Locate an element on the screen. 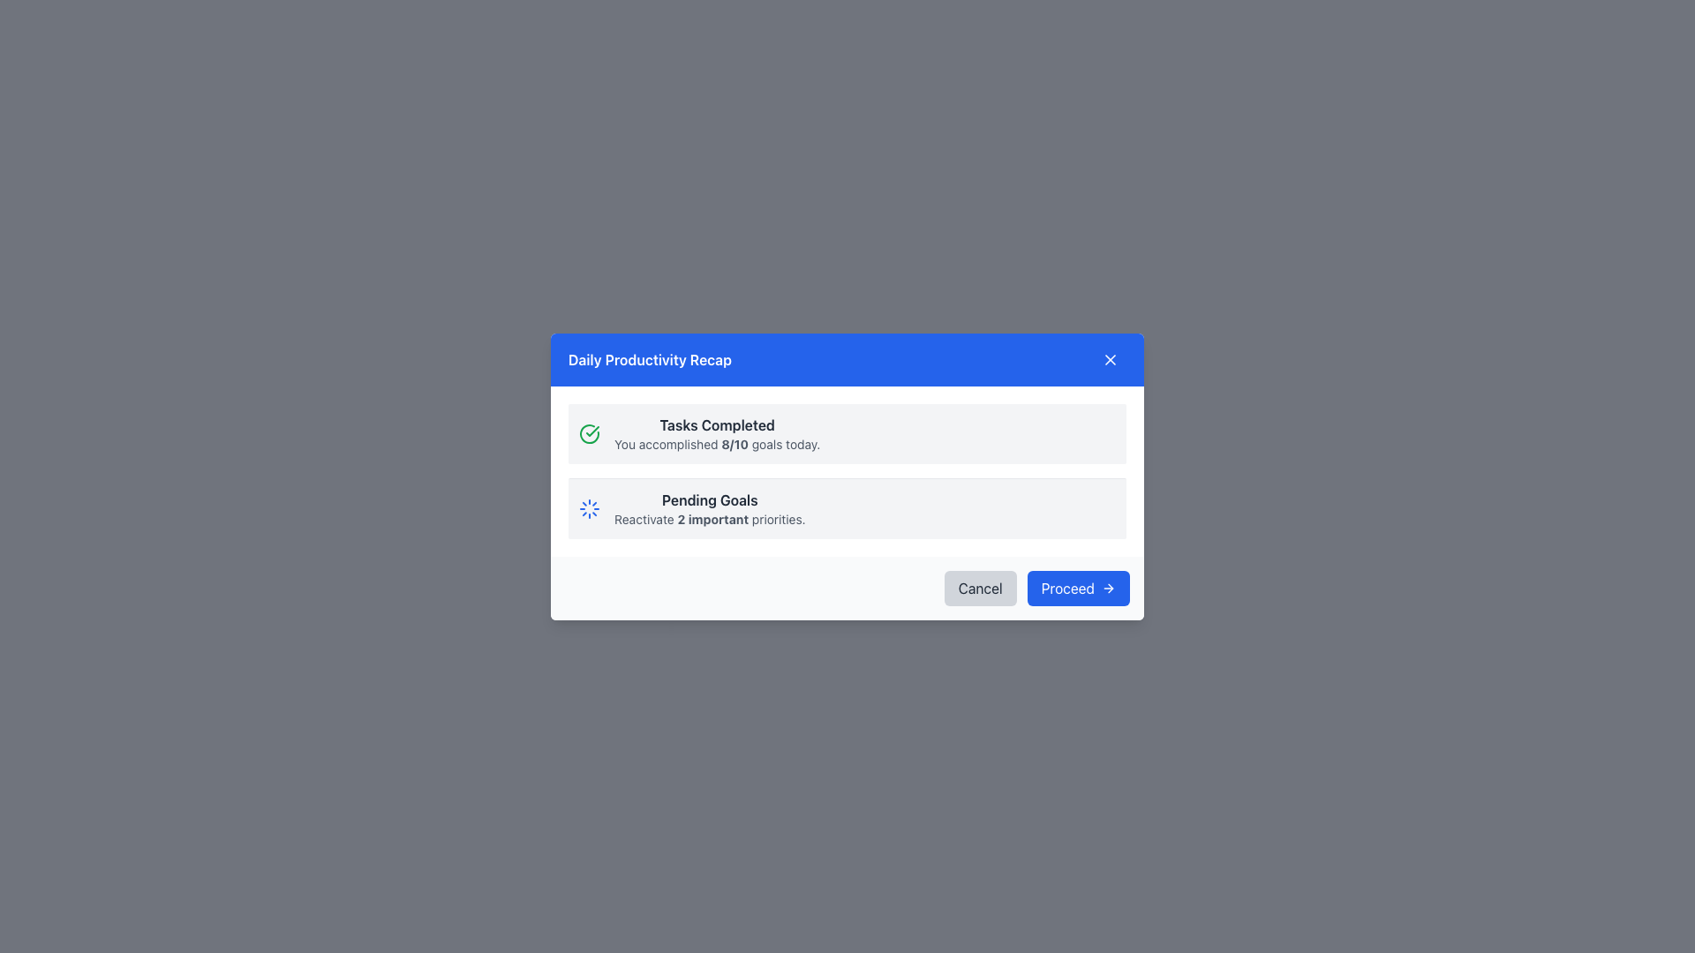 The width and height of the screenshot is (1695, 953). the text element containing '2 important' in the phrase 'Reactivate 2 important priorities' within the 'Pending Goals' subsection is located at coordinates (712, 517).